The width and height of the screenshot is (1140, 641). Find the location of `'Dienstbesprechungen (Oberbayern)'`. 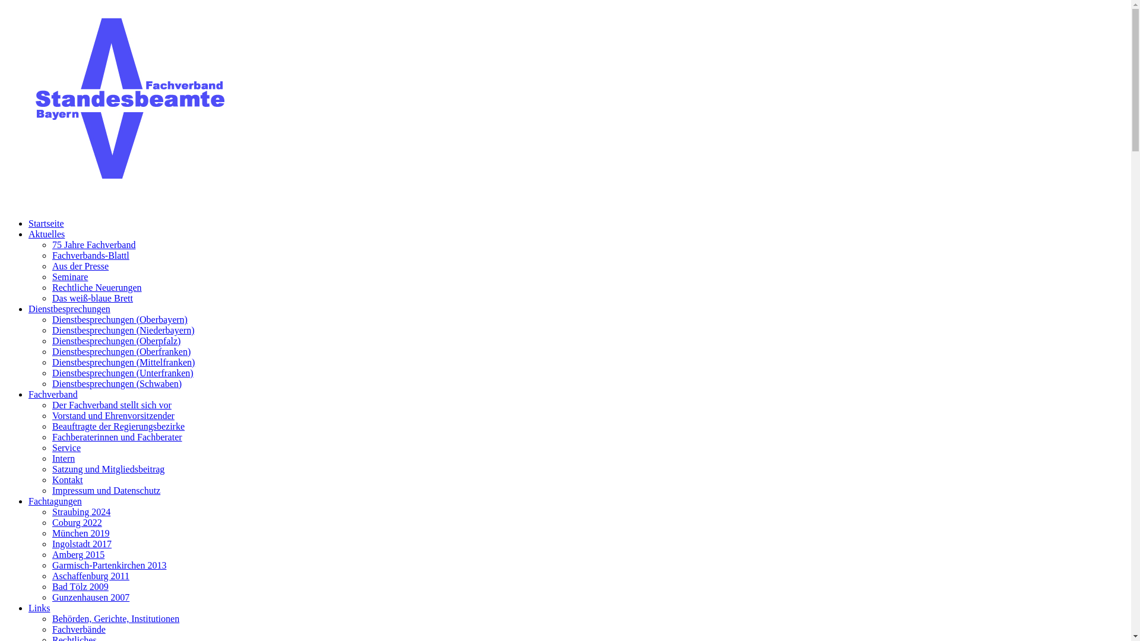

'Dienstbesprechungen (Oberbayern)' is located at coordinates (119, 319).